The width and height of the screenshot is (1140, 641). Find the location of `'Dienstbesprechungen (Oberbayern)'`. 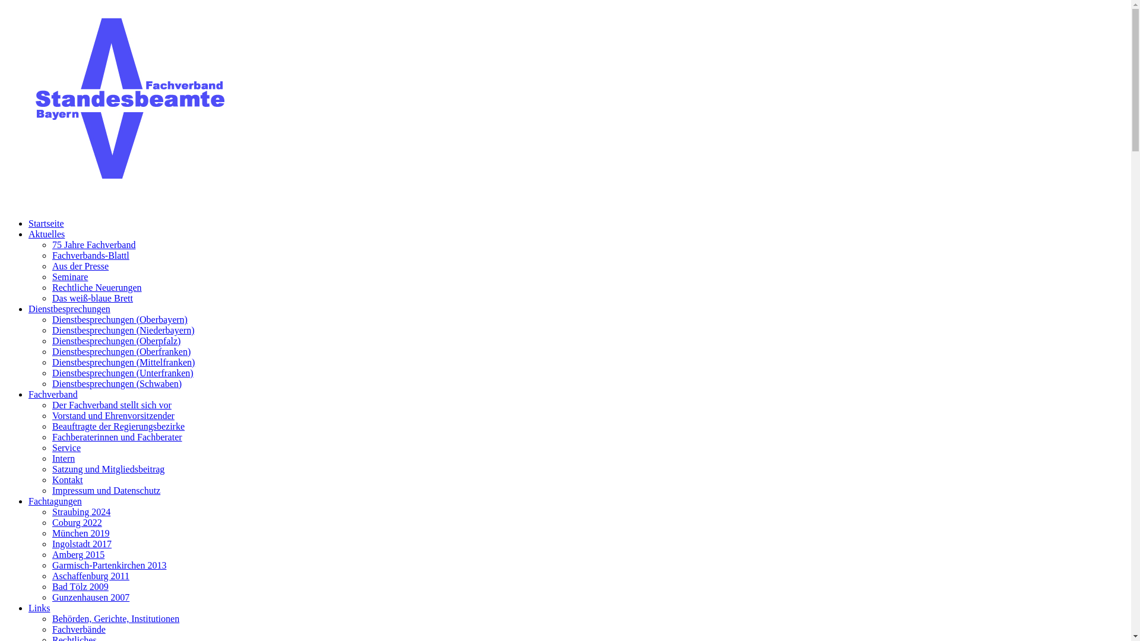

'Dienstbesprechungen (Oberbayern)' is located at coordinates (119, 319).